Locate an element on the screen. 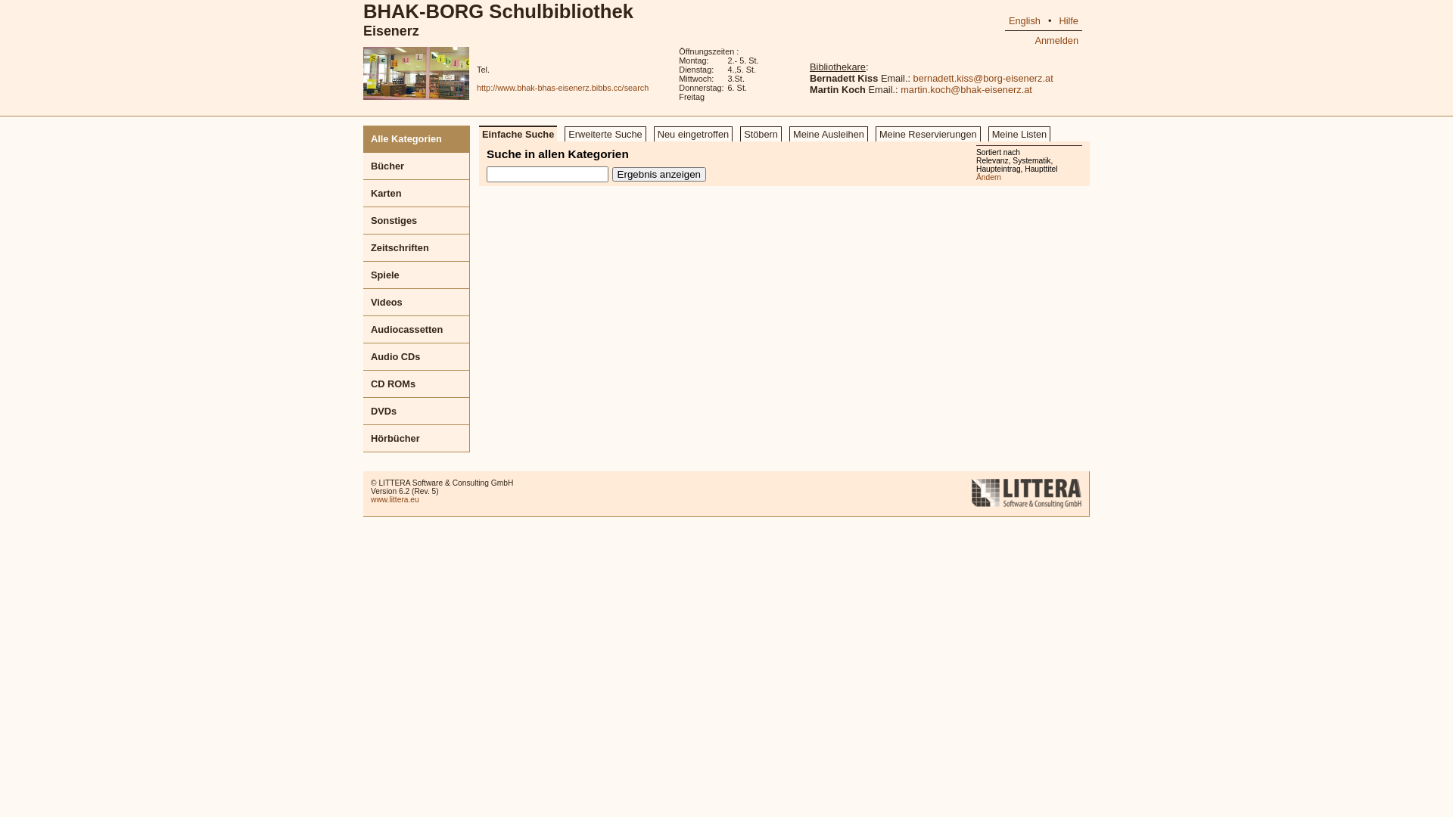 Image resolution: width=1453 pixels, height=817 pixels. 'bernadett.kiss@borg-eisenerz.at' is located at coordinates (912, 78).